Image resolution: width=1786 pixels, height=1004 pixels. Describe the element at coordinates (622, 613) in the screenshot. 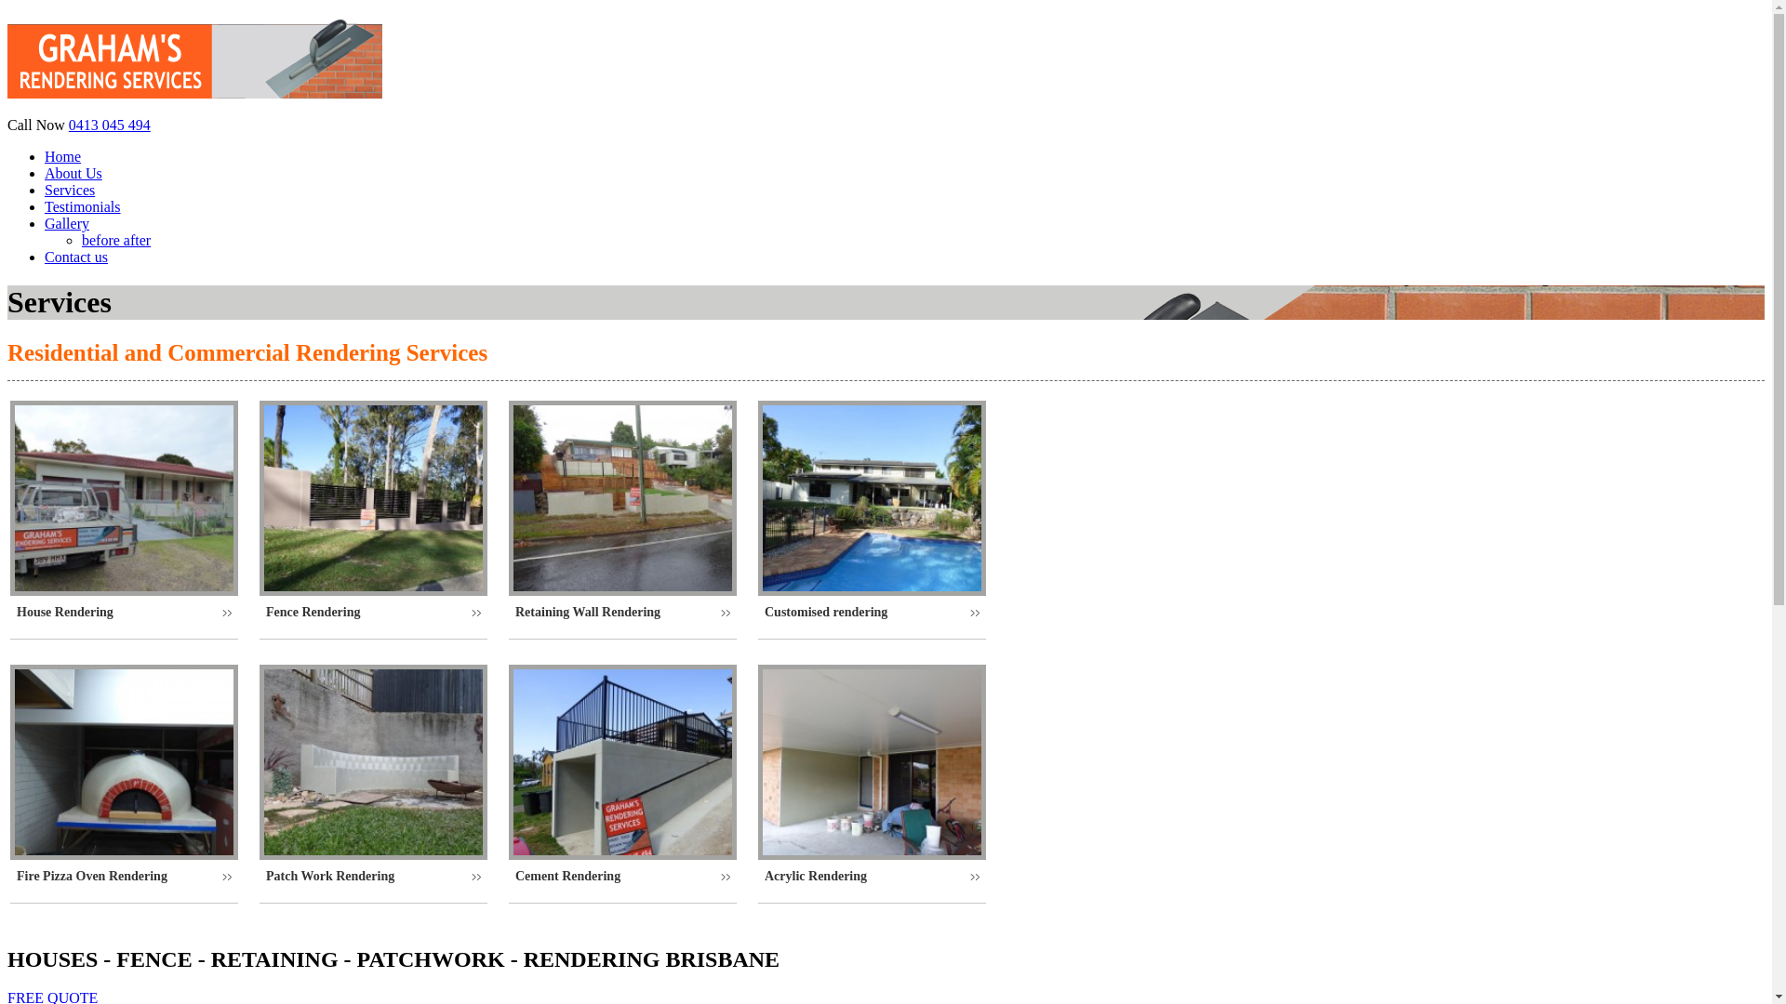

I see `'Retaining Wall Rendering'` at that location.